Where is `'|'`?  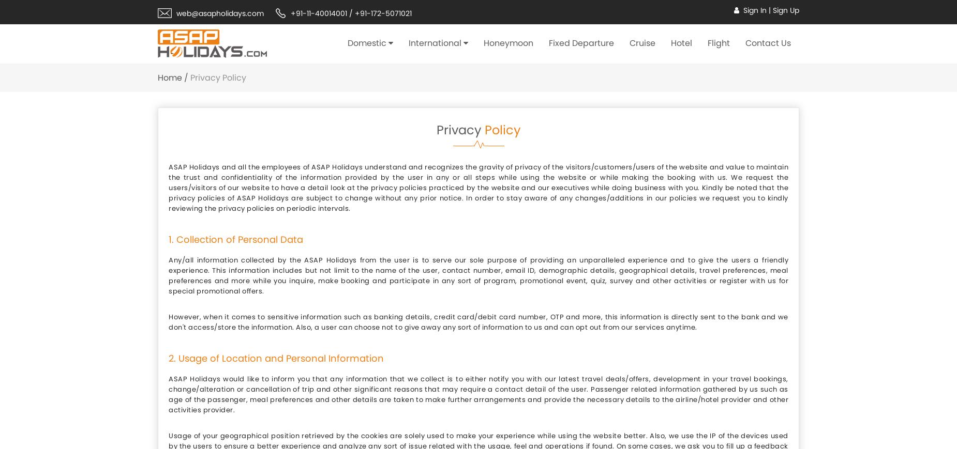
'|' is located at coordinates (769, 9).